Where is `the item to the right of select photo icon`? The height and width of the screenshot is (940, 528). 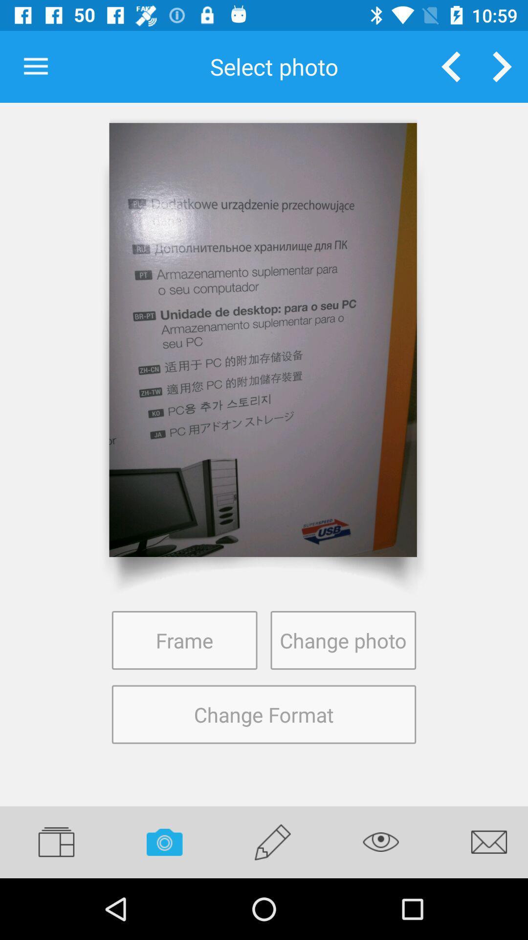 the item to the right of select photo icon is located at coordinates (451, 66).